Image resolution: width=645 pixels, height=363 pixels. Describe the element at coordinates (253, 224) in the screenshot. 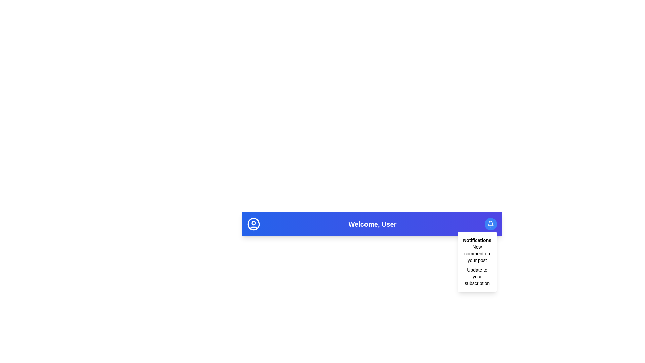

I see `the user profile icon located on the far left of the horizontal navigation bar` at that location.